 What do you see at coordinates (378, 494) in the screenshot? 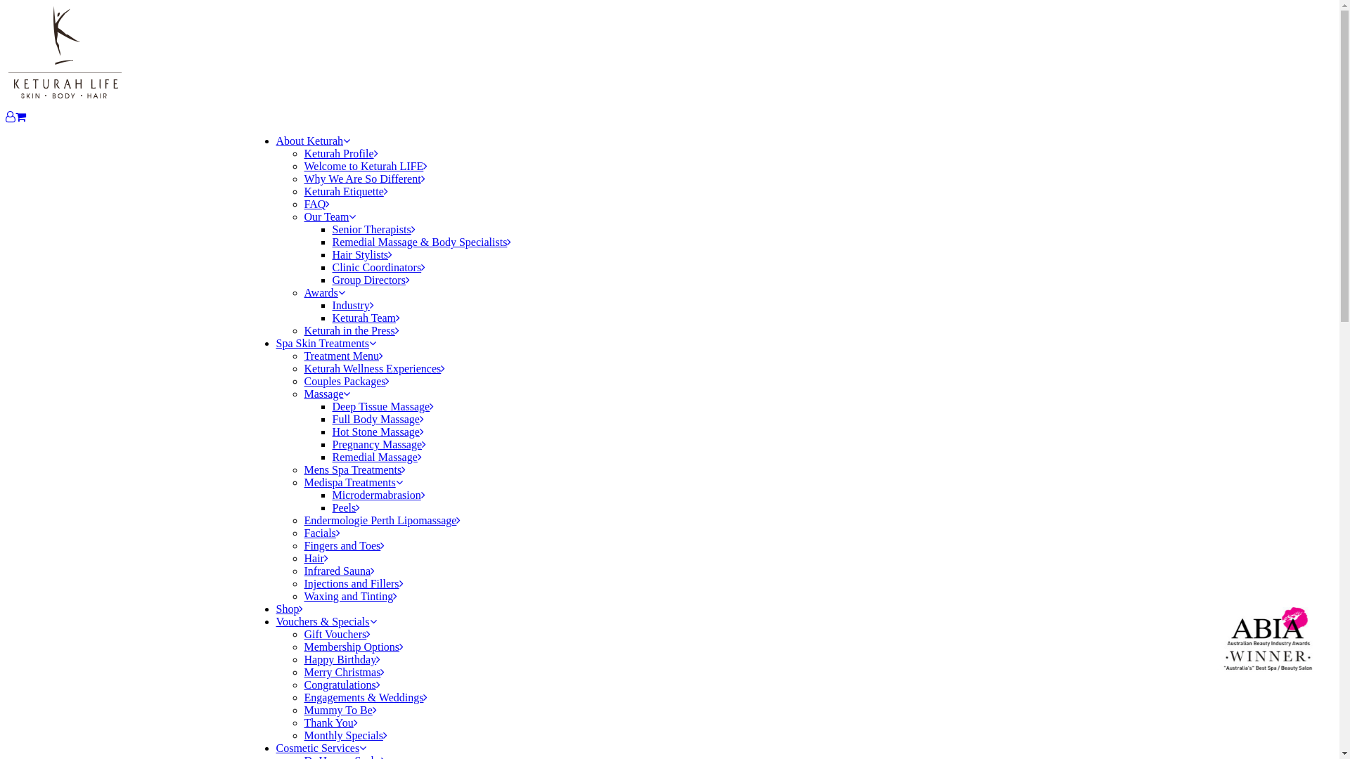
I see `'Microdermabrasion'` at bounding box center [378, 494].